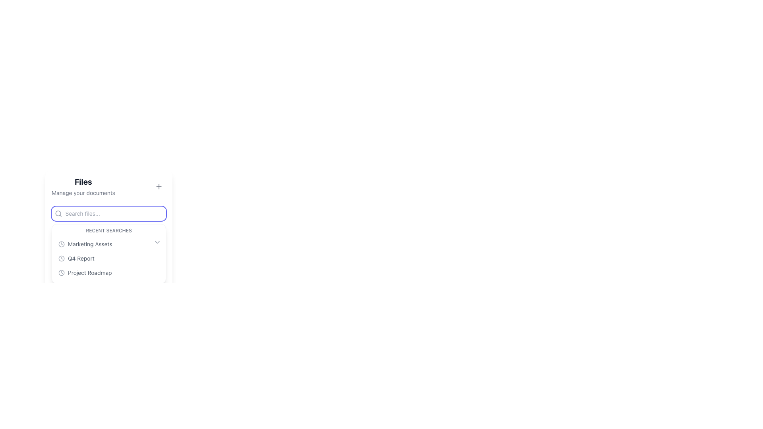 Image resolution: width=763 pixels, height=429 pixels. Describe the element at coordinates (61, 272) in the screenshot. I see `the time-related icon located to the left of the 'Project Roadmap' text in the clickable list item` at that location.